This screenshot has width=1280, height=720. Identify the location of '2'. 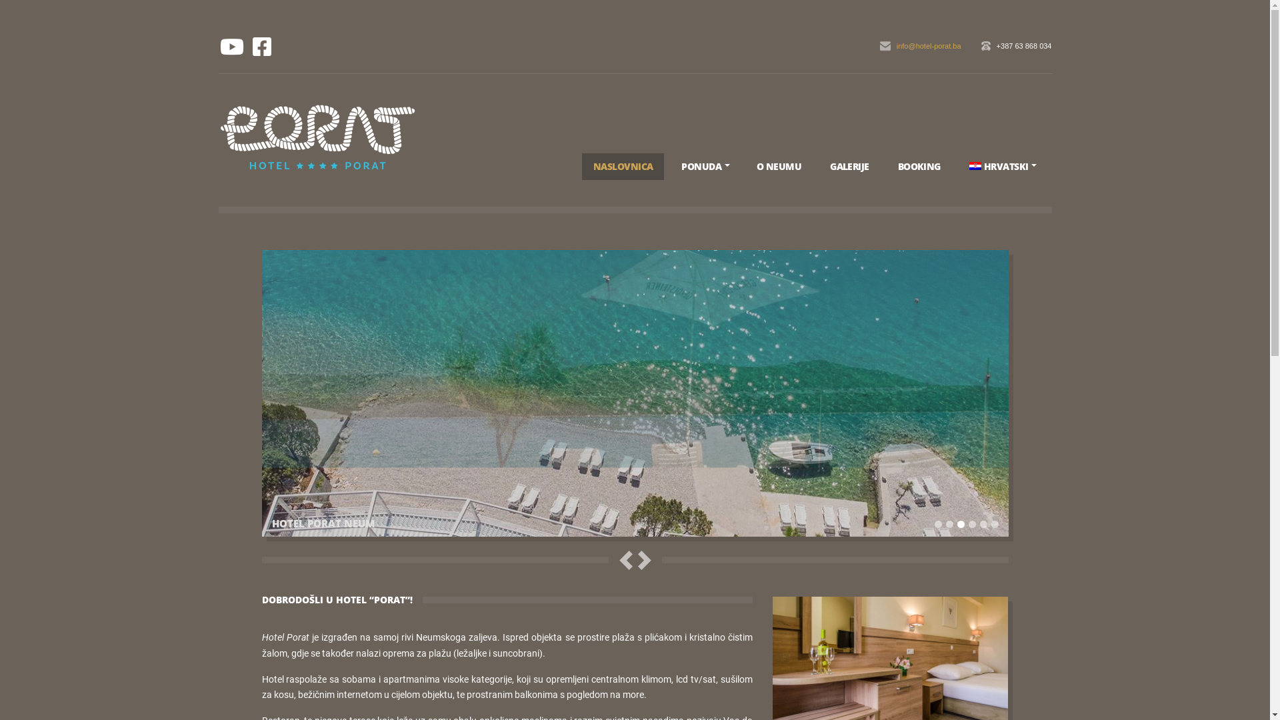
(948, 523).